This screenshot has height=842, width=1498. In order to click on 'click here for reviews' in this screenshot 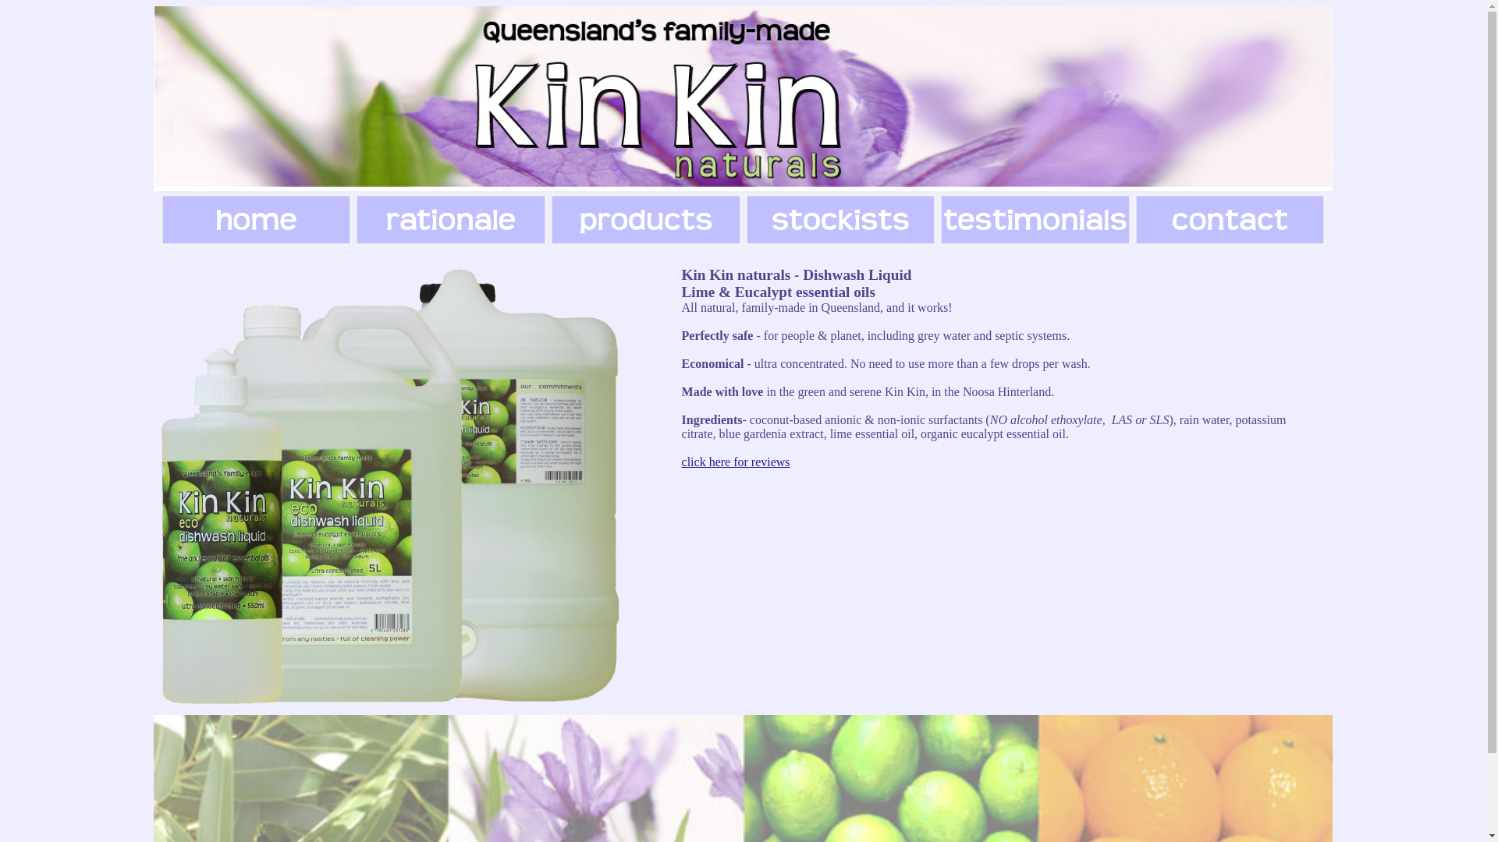, I will do `click(735, 461)`.